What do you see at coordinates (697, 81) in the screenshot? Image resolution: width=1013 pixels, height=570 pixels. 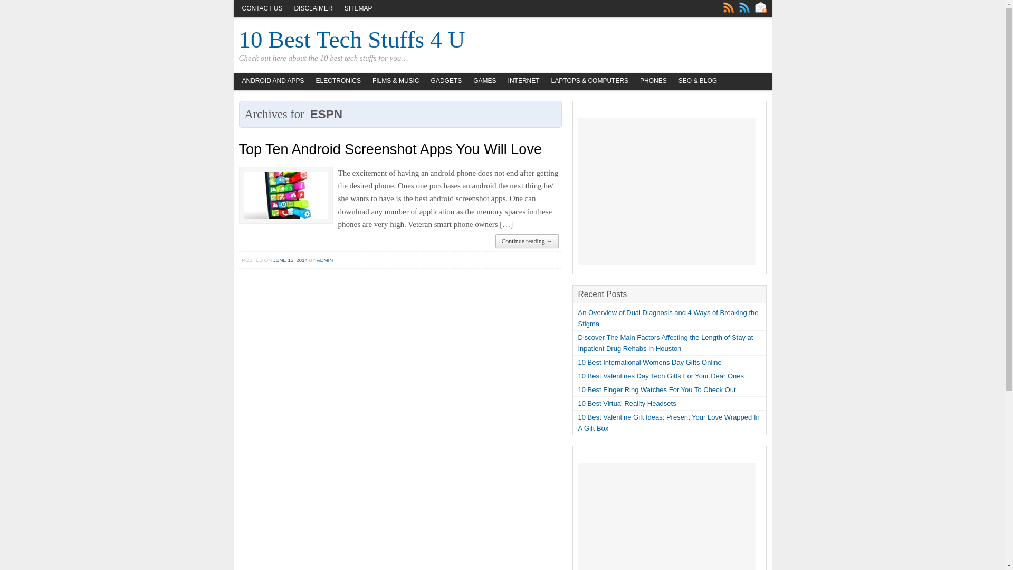 I see `'SEO & BLOG'` at bounding box center [697, 81].